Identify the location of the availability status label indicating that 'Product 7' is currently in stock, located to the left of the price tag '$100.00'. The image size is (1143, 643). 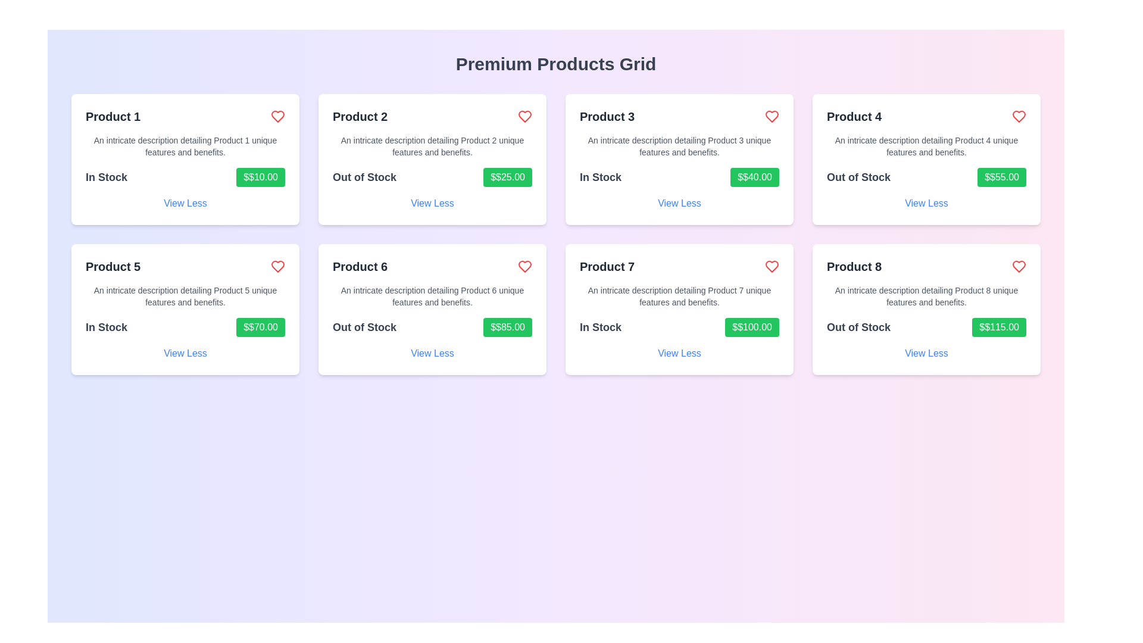
(600, 327).